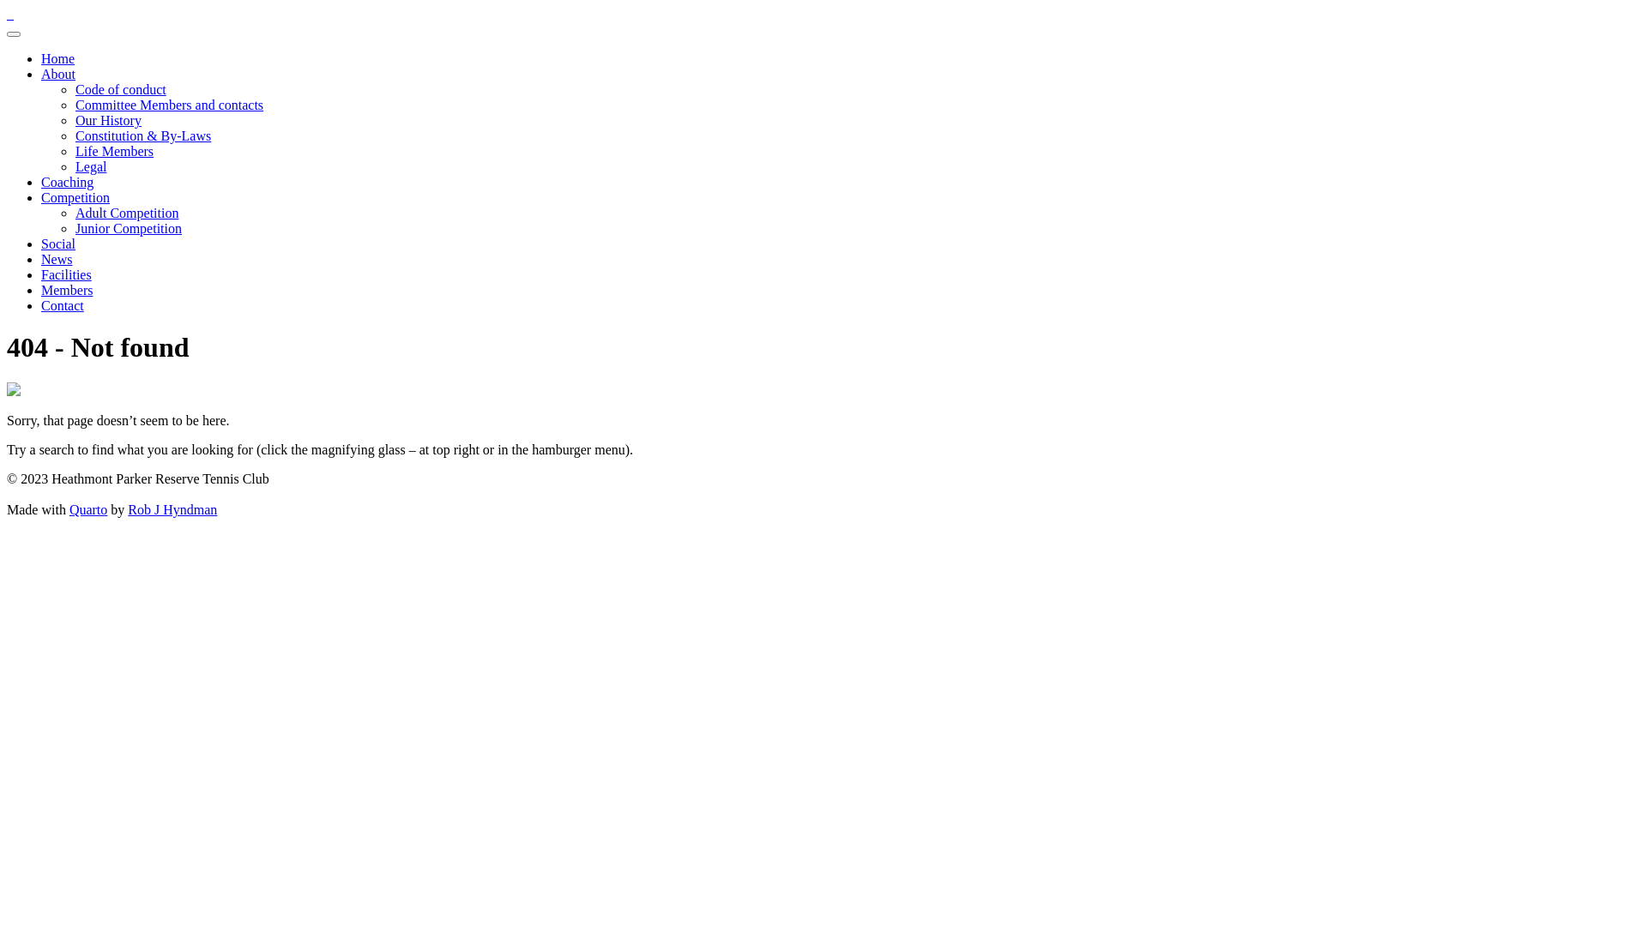  Describe the element at coordinates (62, 304) in the screenshot. I see `'Contact'` at that location.